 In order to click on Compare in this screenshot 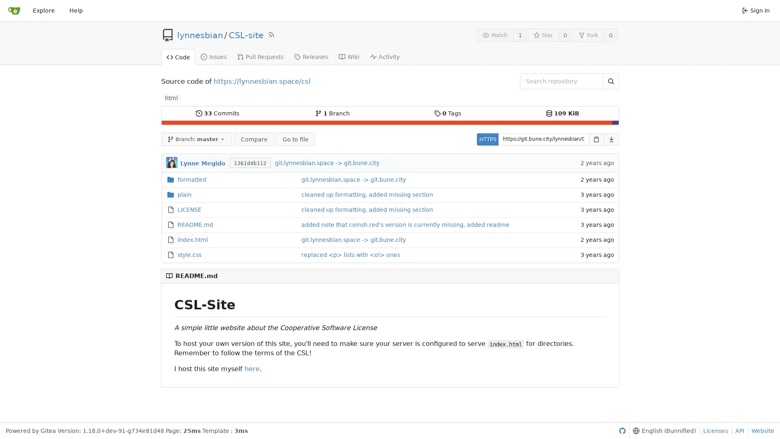, I will do `click(253, 139)`.